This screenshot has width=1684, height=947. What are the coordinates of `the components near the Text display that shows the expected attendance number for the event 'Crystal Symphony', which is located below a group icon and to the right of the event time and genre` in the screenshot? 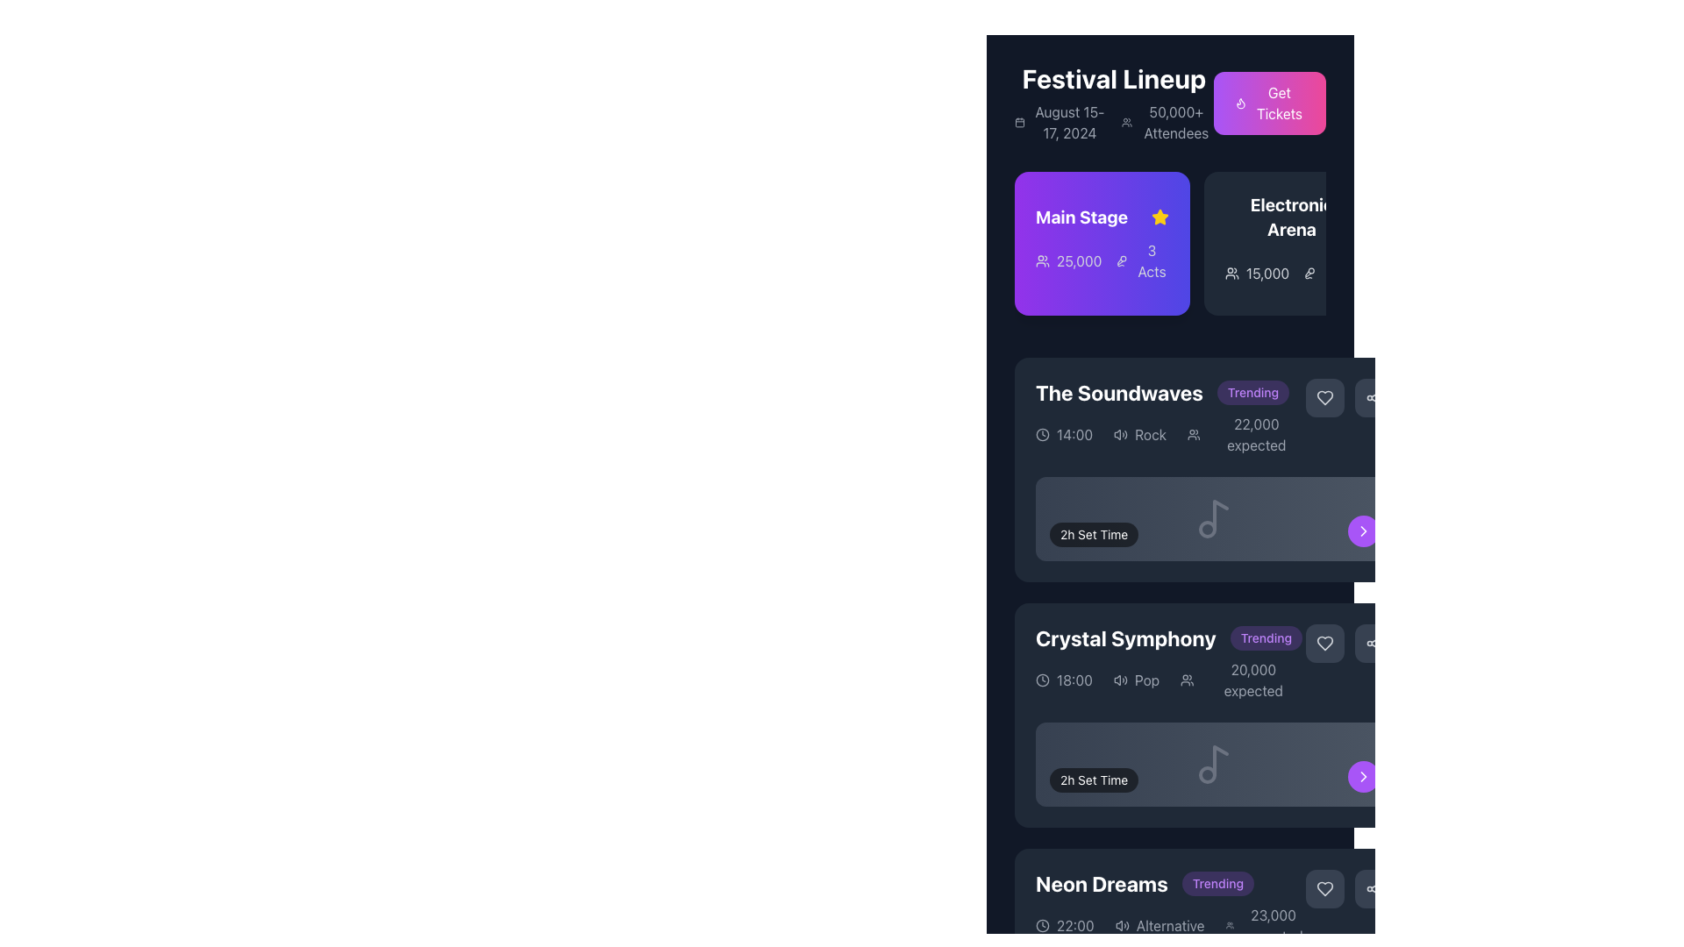 It's located at (1252, 679).